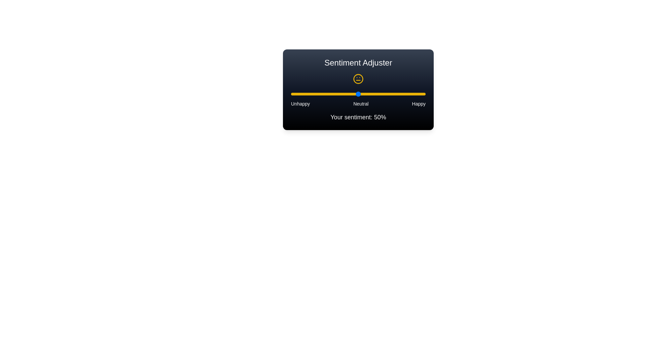  I want to click on the sentiment slider to 72%, where sentiment is a value between 0 and 100, so click(388, 94).